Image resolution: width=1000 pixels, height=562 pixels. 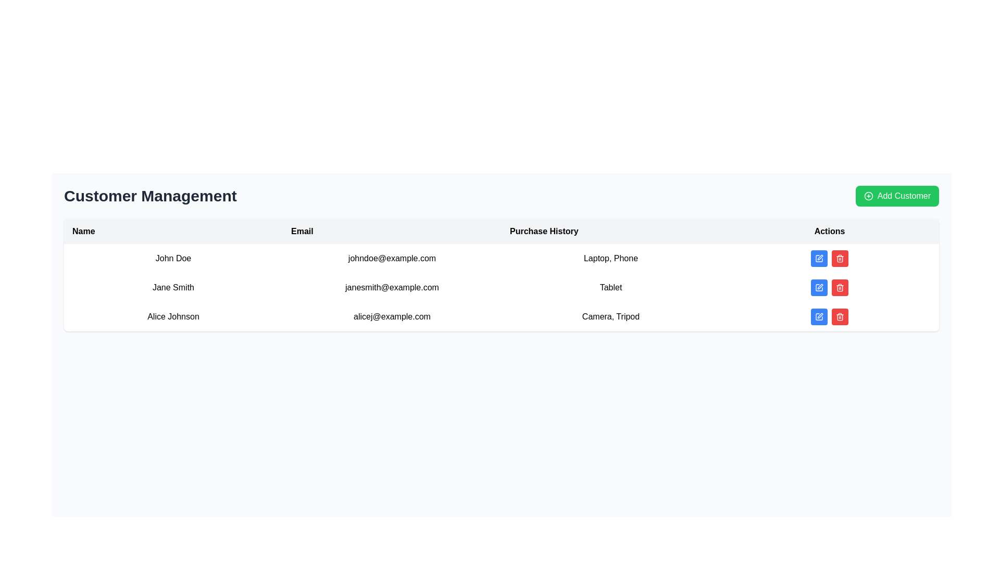 I want to click on the circular graphical component representing a 'plus in a circle' within the 'Add Customer' button, which is located in the top-right corner of the interface, so click(x=868, y=196).